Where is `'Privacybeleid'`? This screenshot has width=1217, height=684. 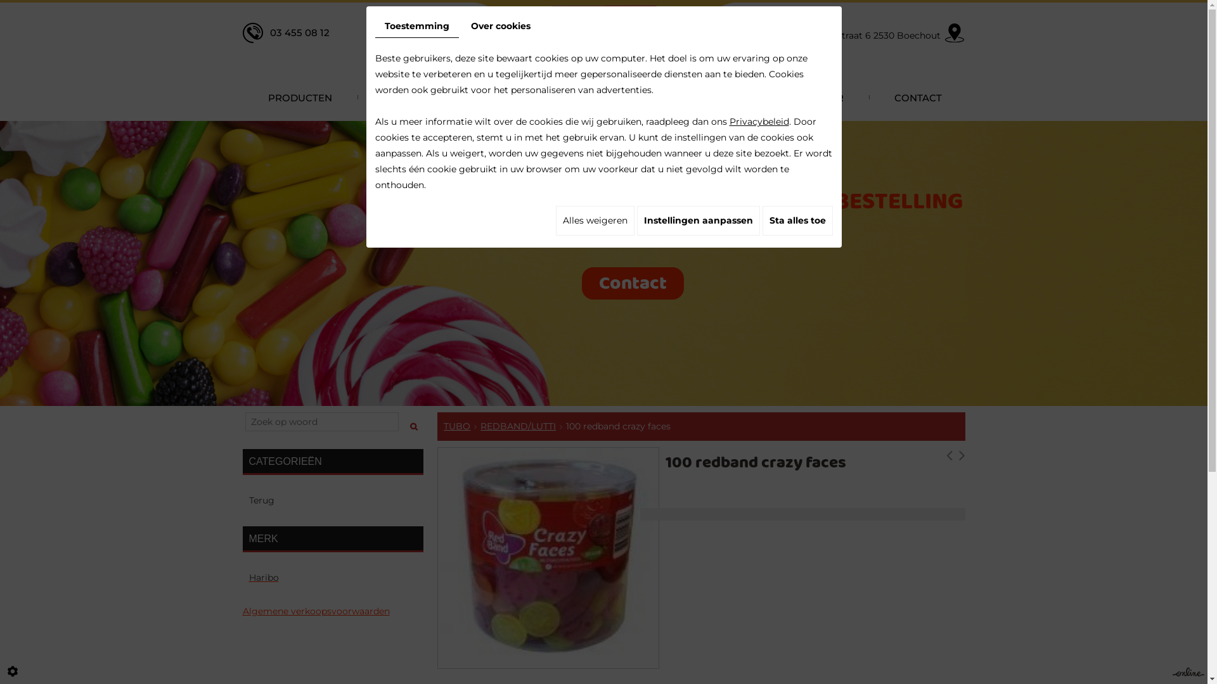 'Privacybeleid' is located at coordinates (758, 122).